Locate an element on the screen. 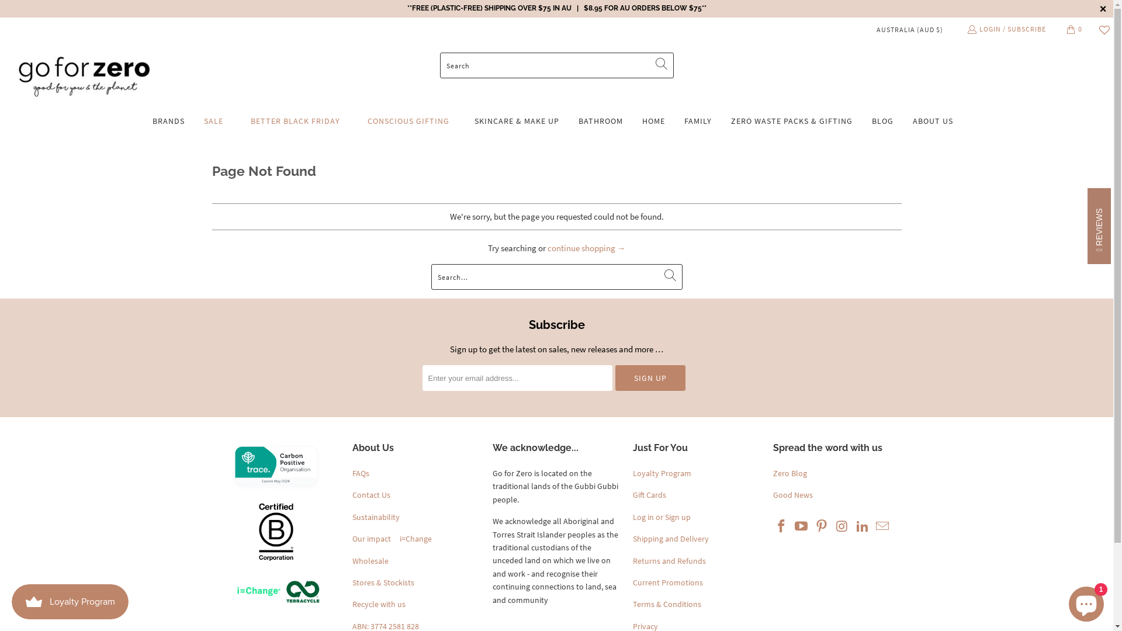 The image size is (1122, 631). '0' is located at coordinates (1075, 29).